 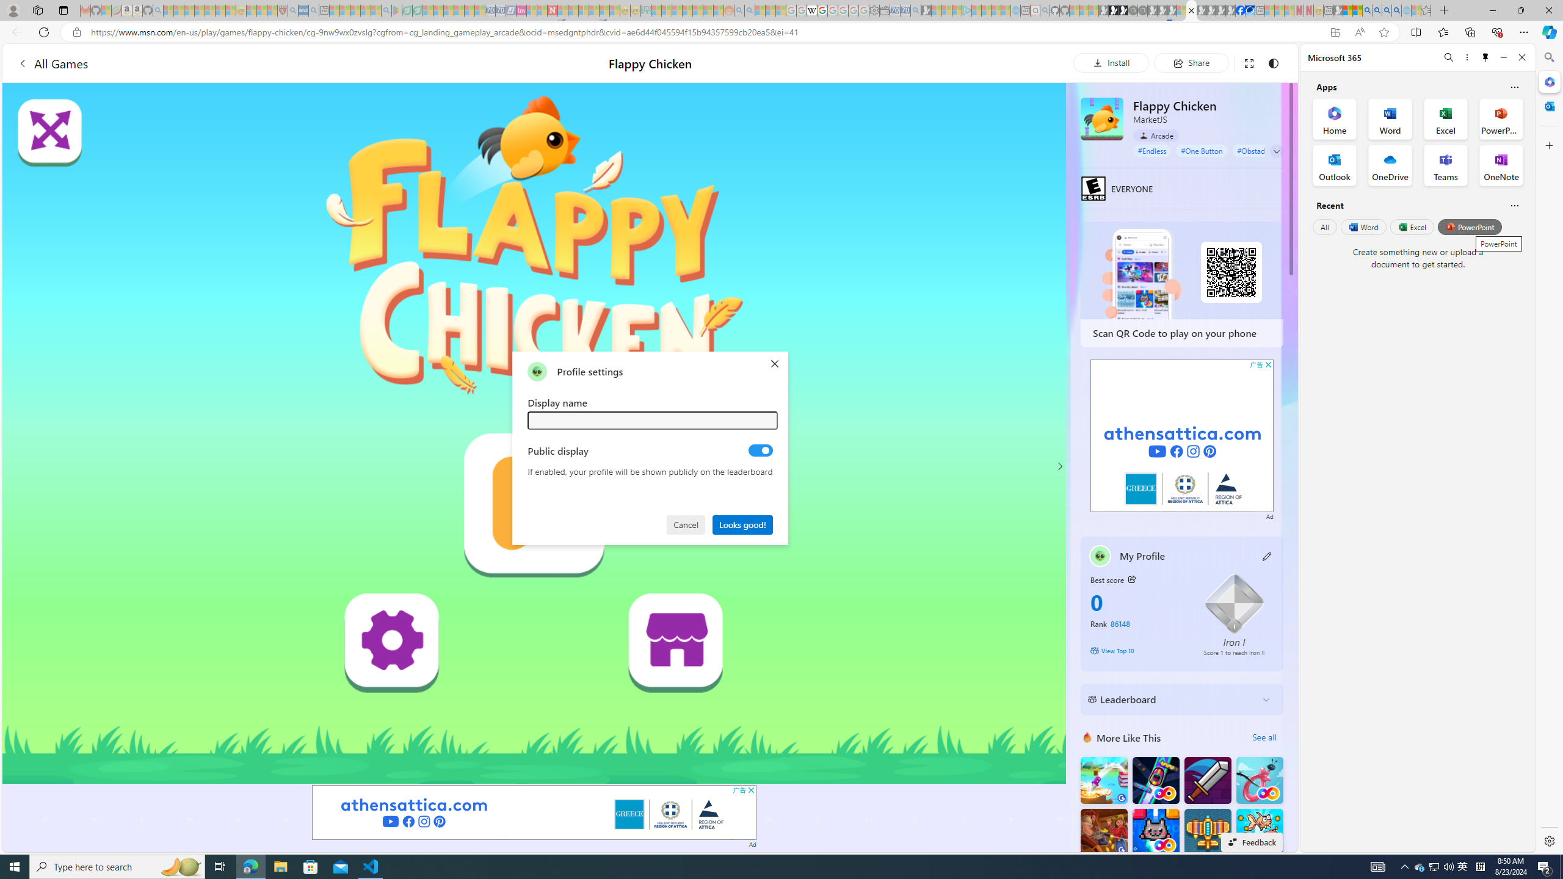 I want to click on 'Play Zoo Boom in your browser | Games from Microsoft Start', so click(x=1113, y=10).